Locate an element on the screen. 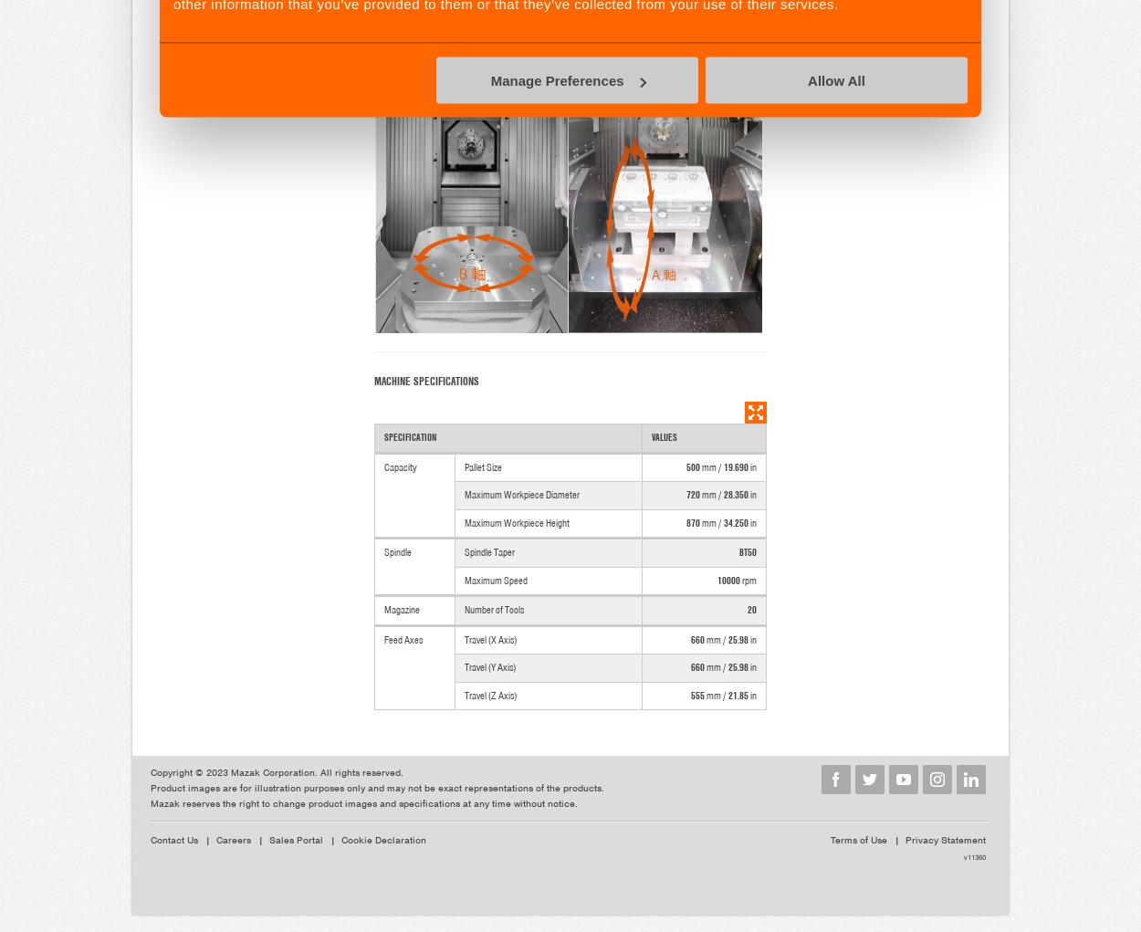 The image size is (1141, 932). 'Large-capacity machining area compared to required floor space' is located at coordinates (561, 32).